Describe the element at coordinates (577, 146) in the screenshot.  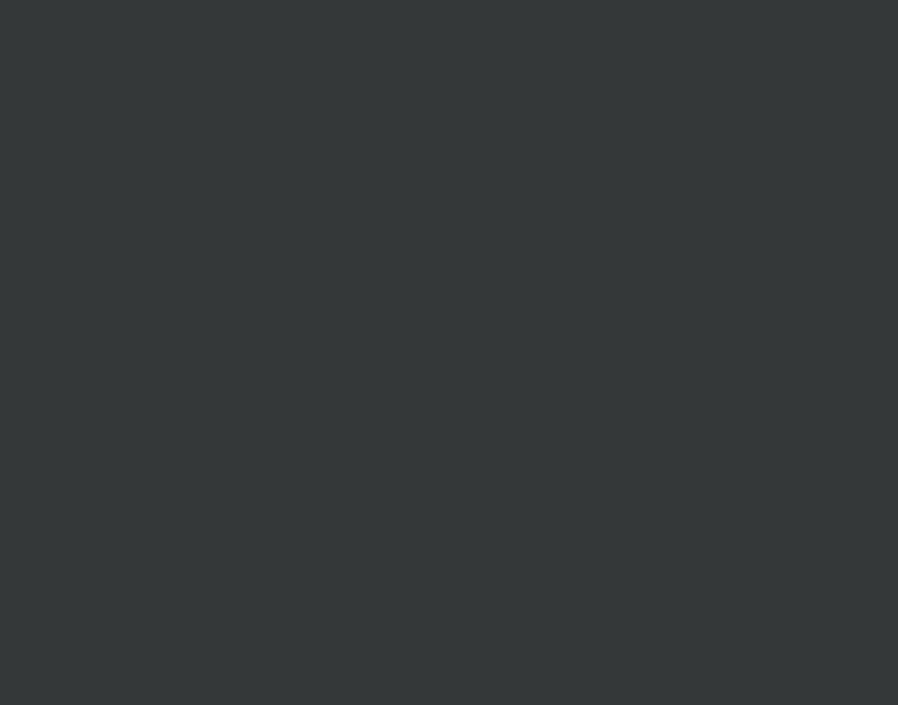
I see `'survey'` at that location.